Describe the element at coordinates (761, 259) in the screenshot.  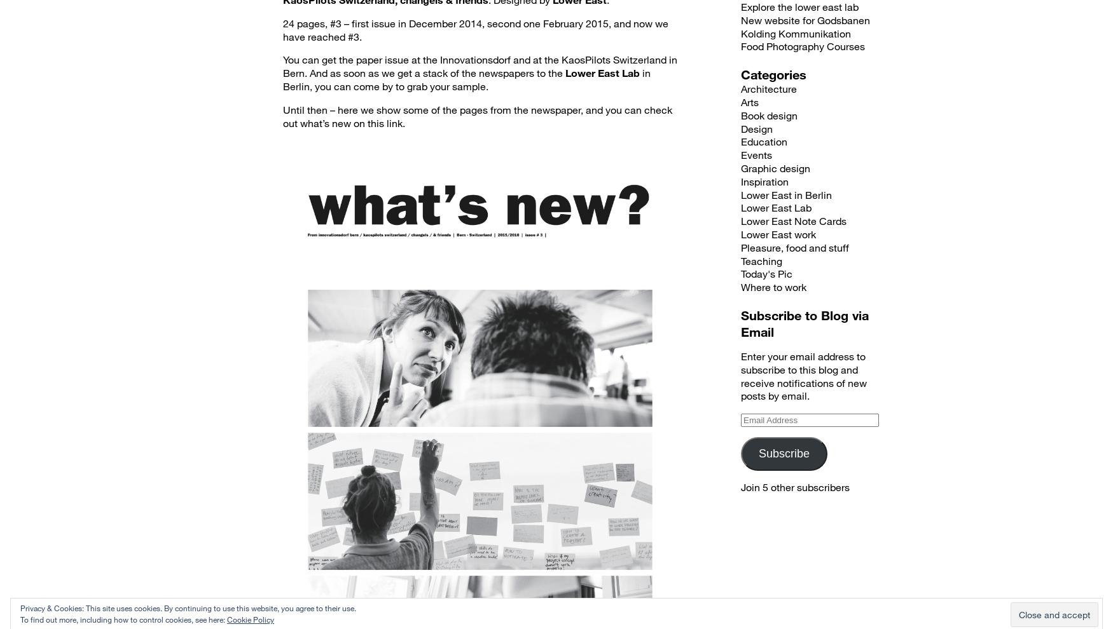
I see `'Teaching'` at that location.